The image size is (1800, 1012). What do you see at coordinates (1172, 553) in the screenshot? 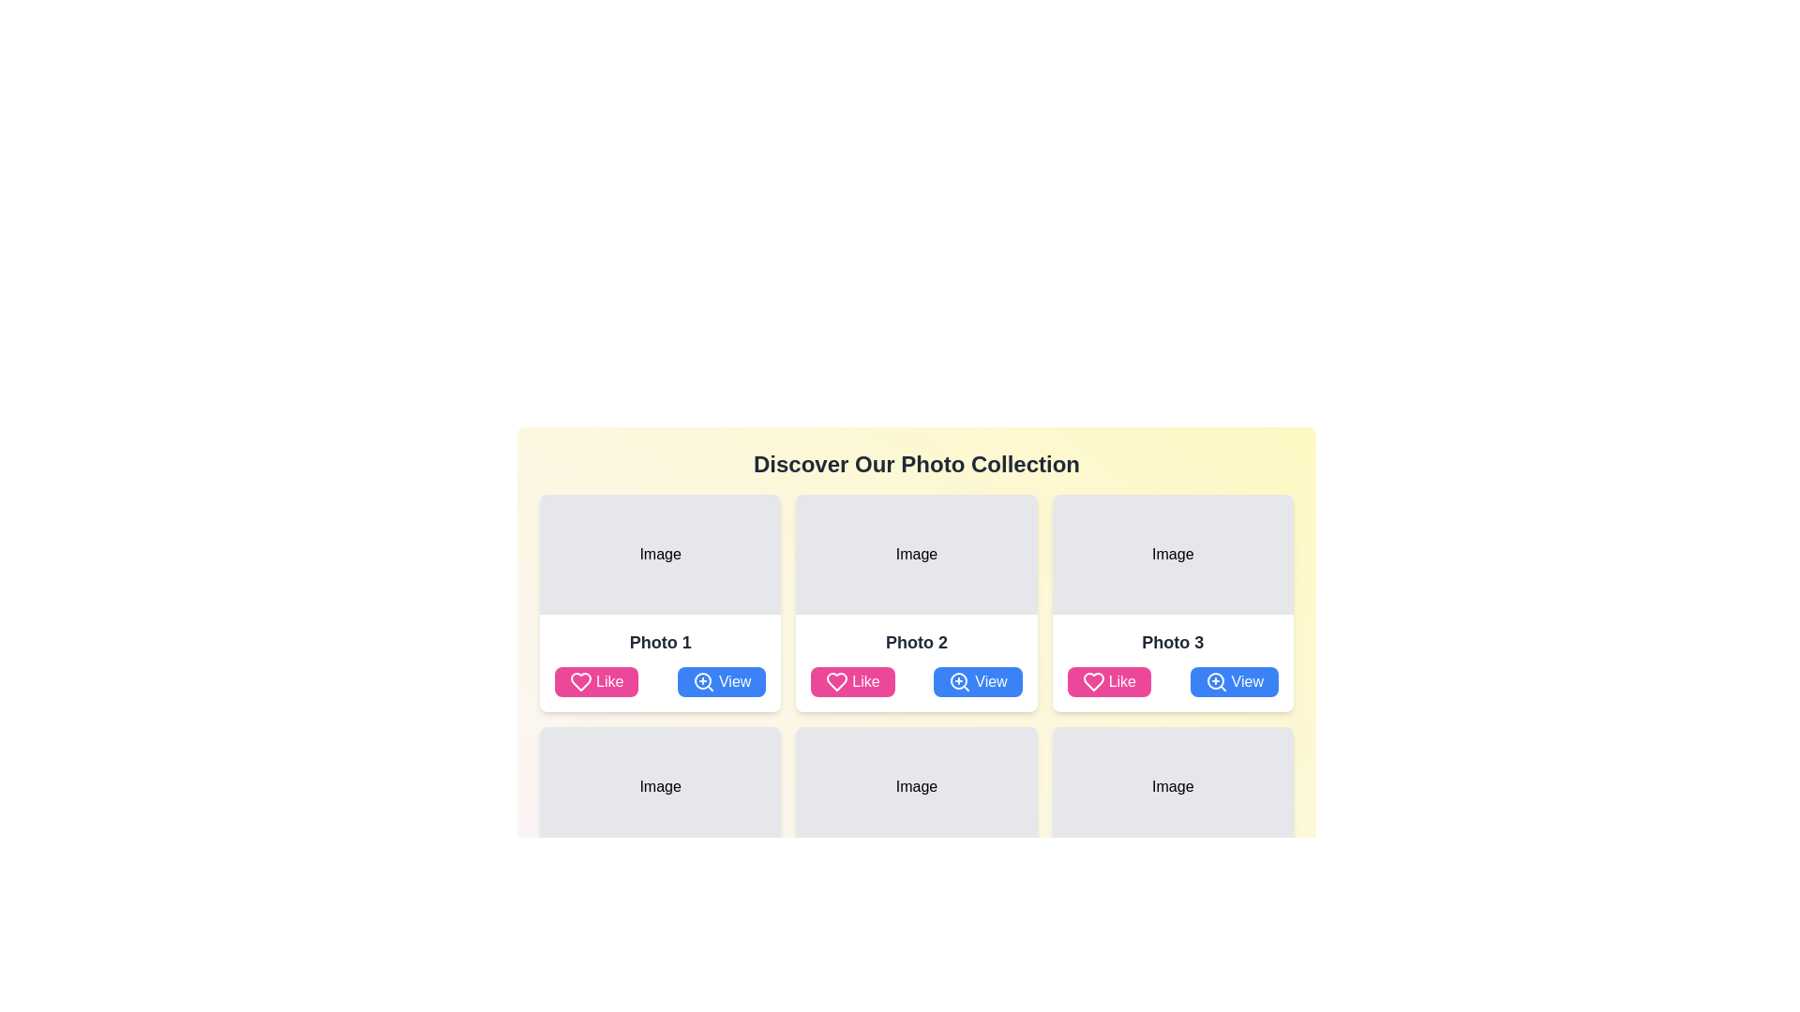
I see `the image placeholder located at the top of the card labeled 'Photo 3' in the top-right corner of the grid layout` at bounding box center [1172, 553].